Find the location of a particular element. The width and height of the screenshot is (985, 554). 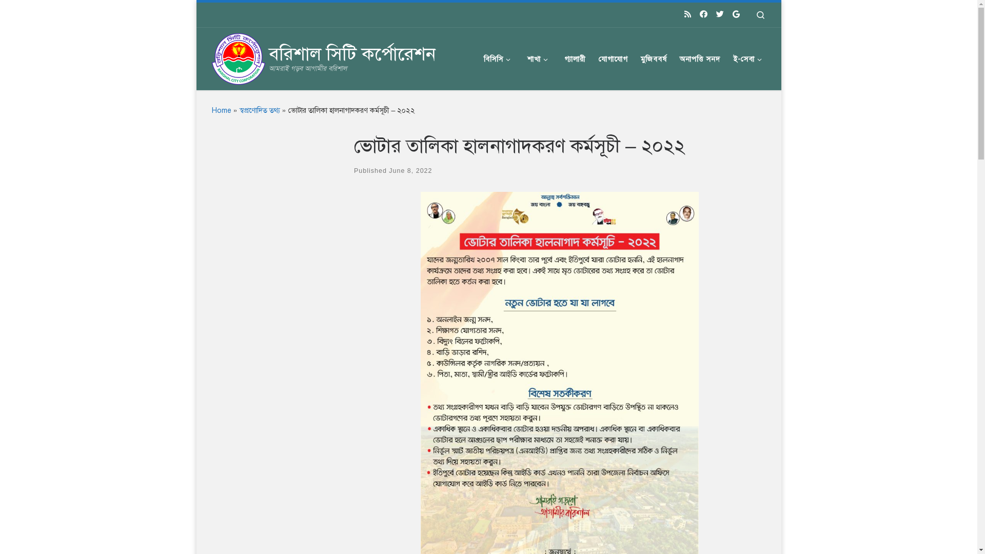

'Follow us on Facebook' is located at coordinates (703, 14).